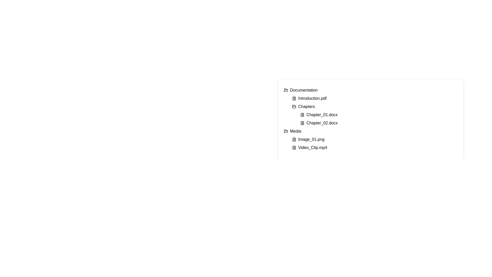 This screenshot has width=492, height=277. Describe the element at coordinates (294, 98) in the screenshot. I see `the document icon labeled 'Introduction.pdf'` at that location.